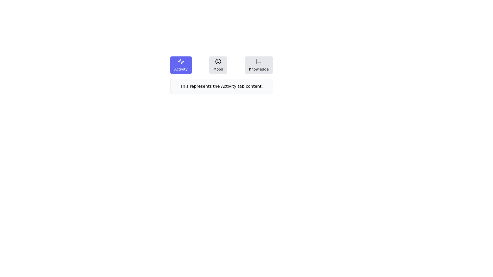  Describe the element at coordinates (181, 61) in the screenshot. I see `the icon with a dynamic stroke pattern located in the 'Activity' tab` at that location.